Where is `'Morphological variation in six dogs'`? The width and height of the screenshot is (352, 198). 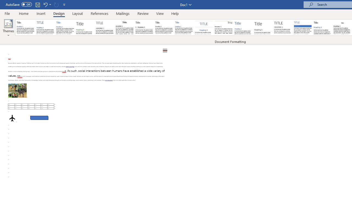
'Morphological variation in six dogs' is located at coordinates (17, 90).